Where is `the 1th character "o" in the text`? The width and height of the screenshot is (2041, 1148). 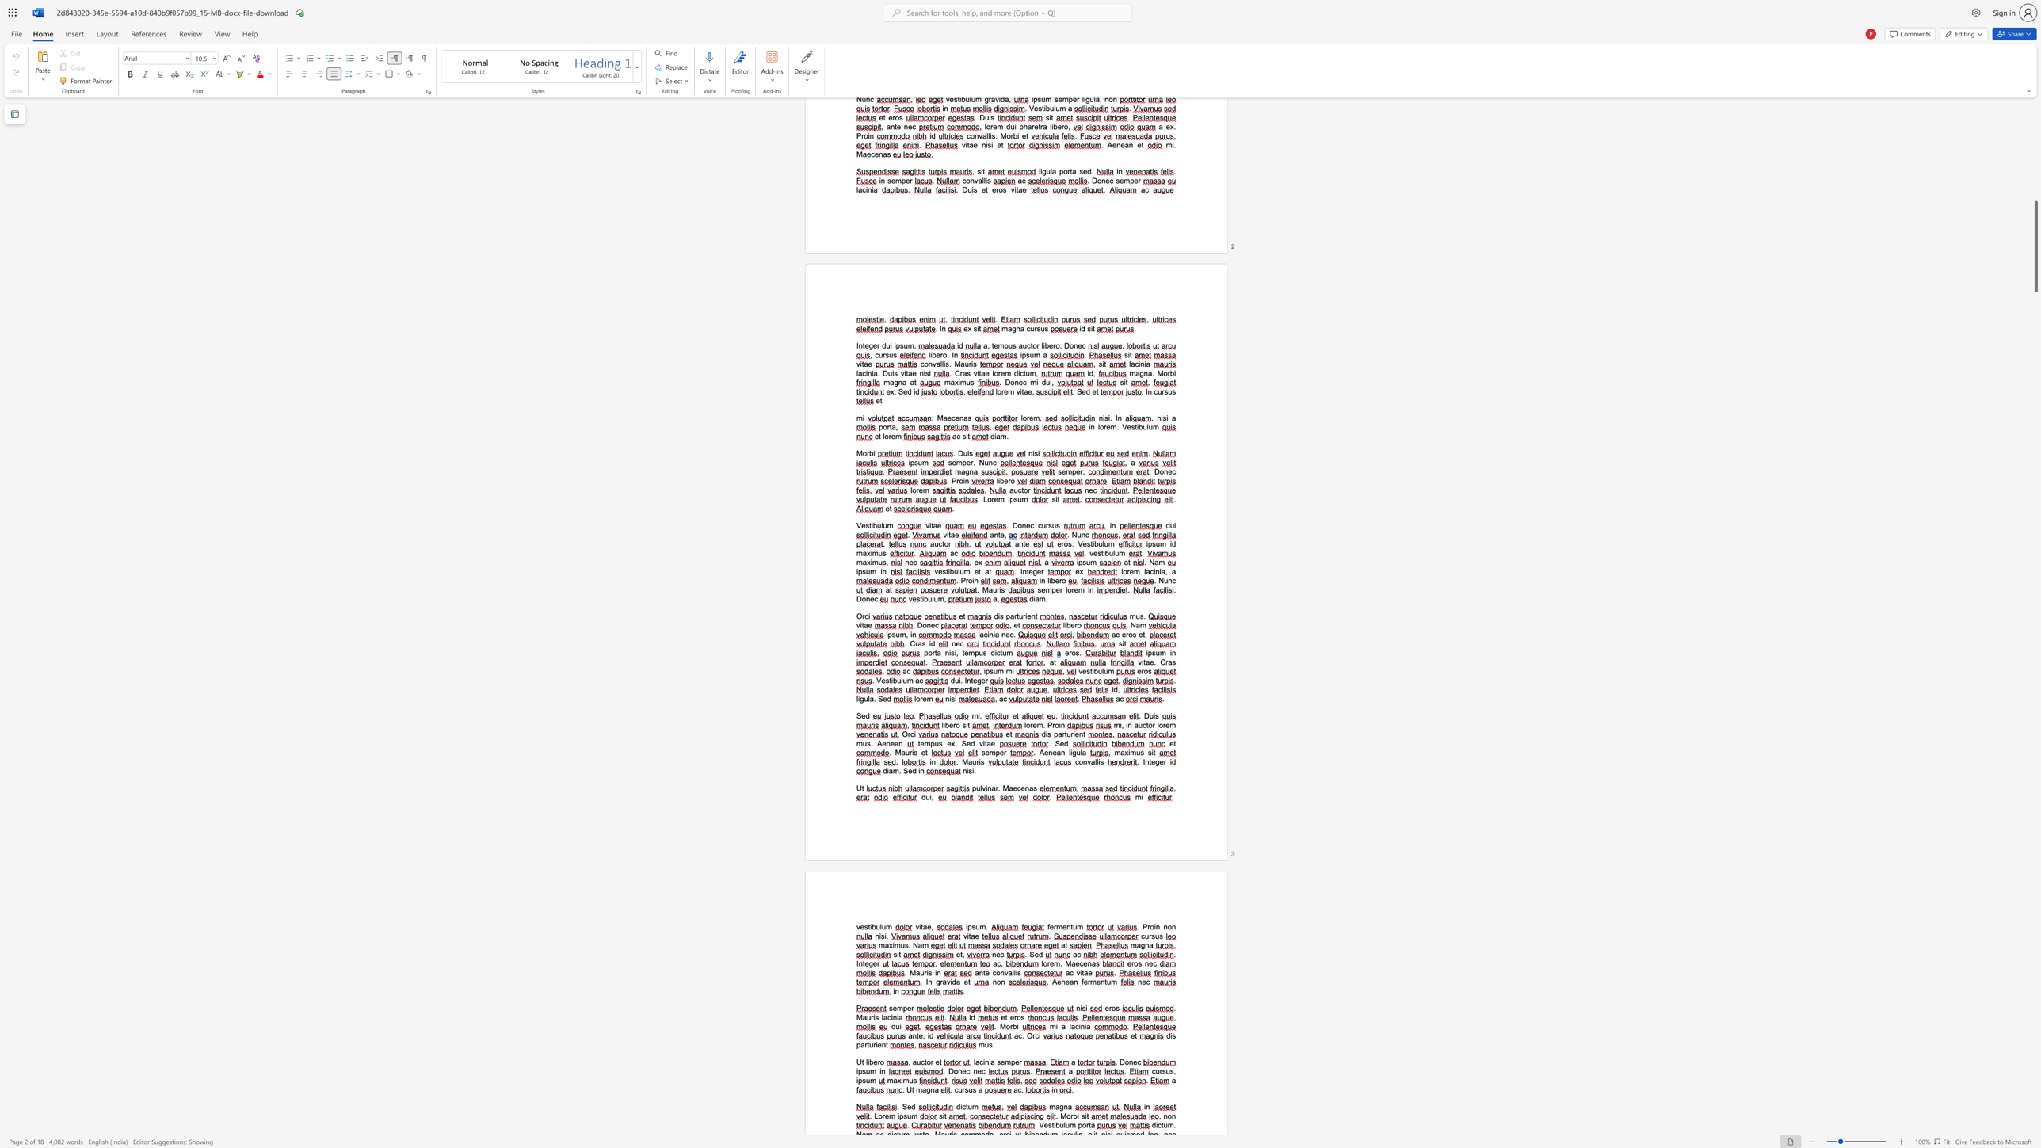 the 1th character "o" in the text is located at coordinates (1136, 963).